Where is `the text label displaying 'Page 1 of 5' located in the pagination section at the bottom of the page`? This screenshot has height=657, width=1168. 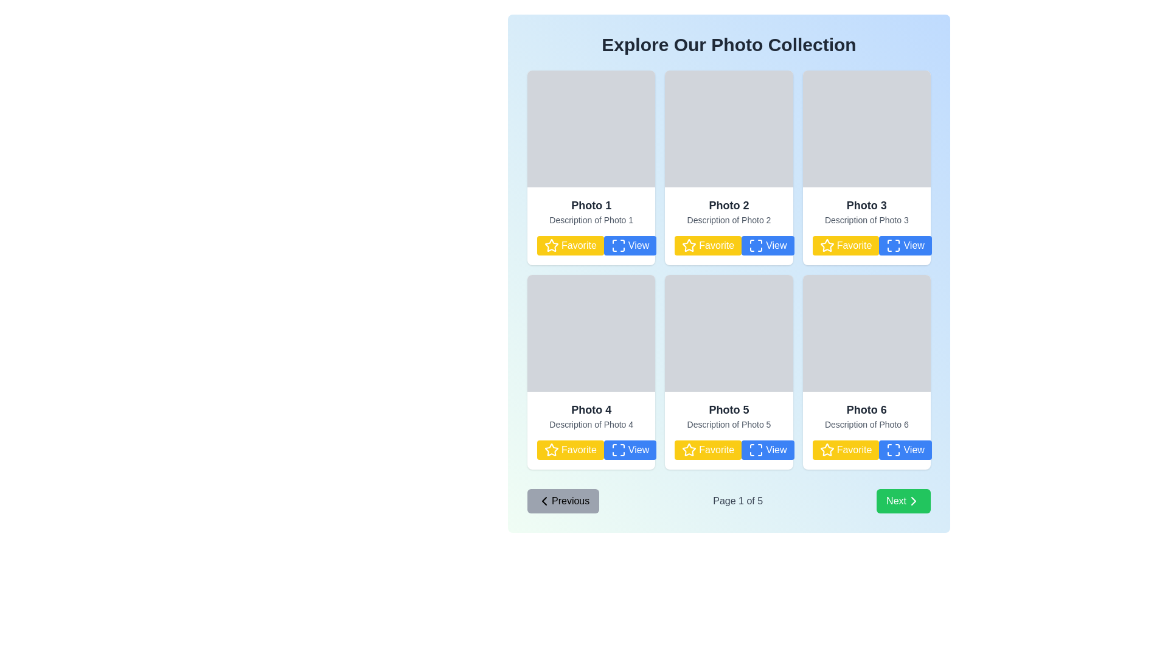 the text label displaying 'Page 1 of 5' located in the pagination section at the bottom of the page is located at coordinates (737, 501).